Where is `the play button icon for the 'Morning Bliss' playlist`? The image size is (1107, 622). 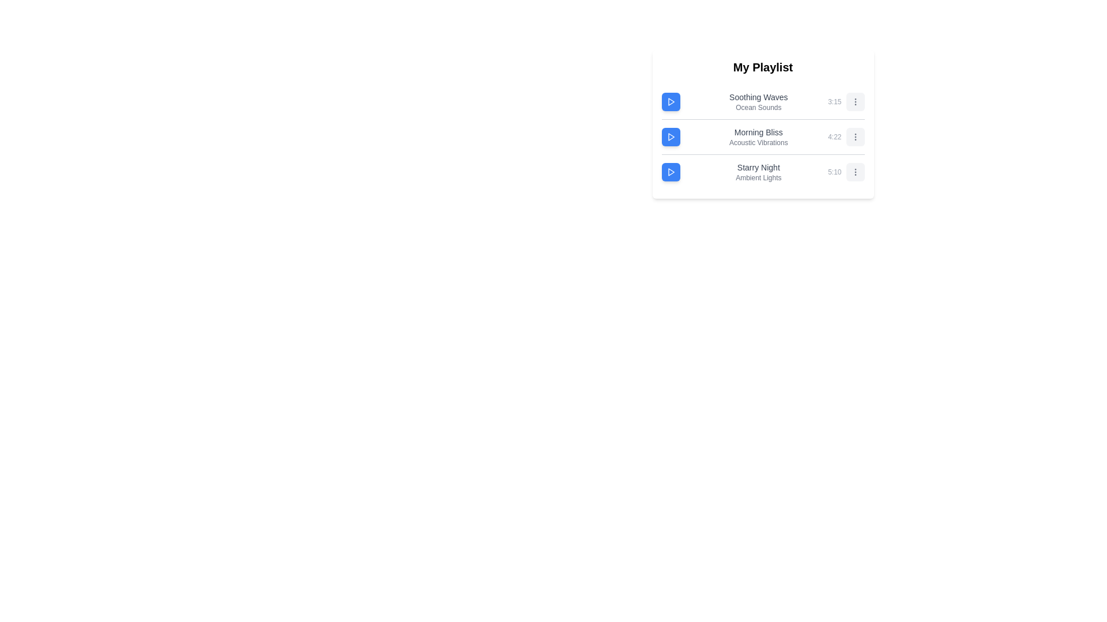
the play button icon for the 'Morning Bliss' playlist is located at coordinates (671, 136).